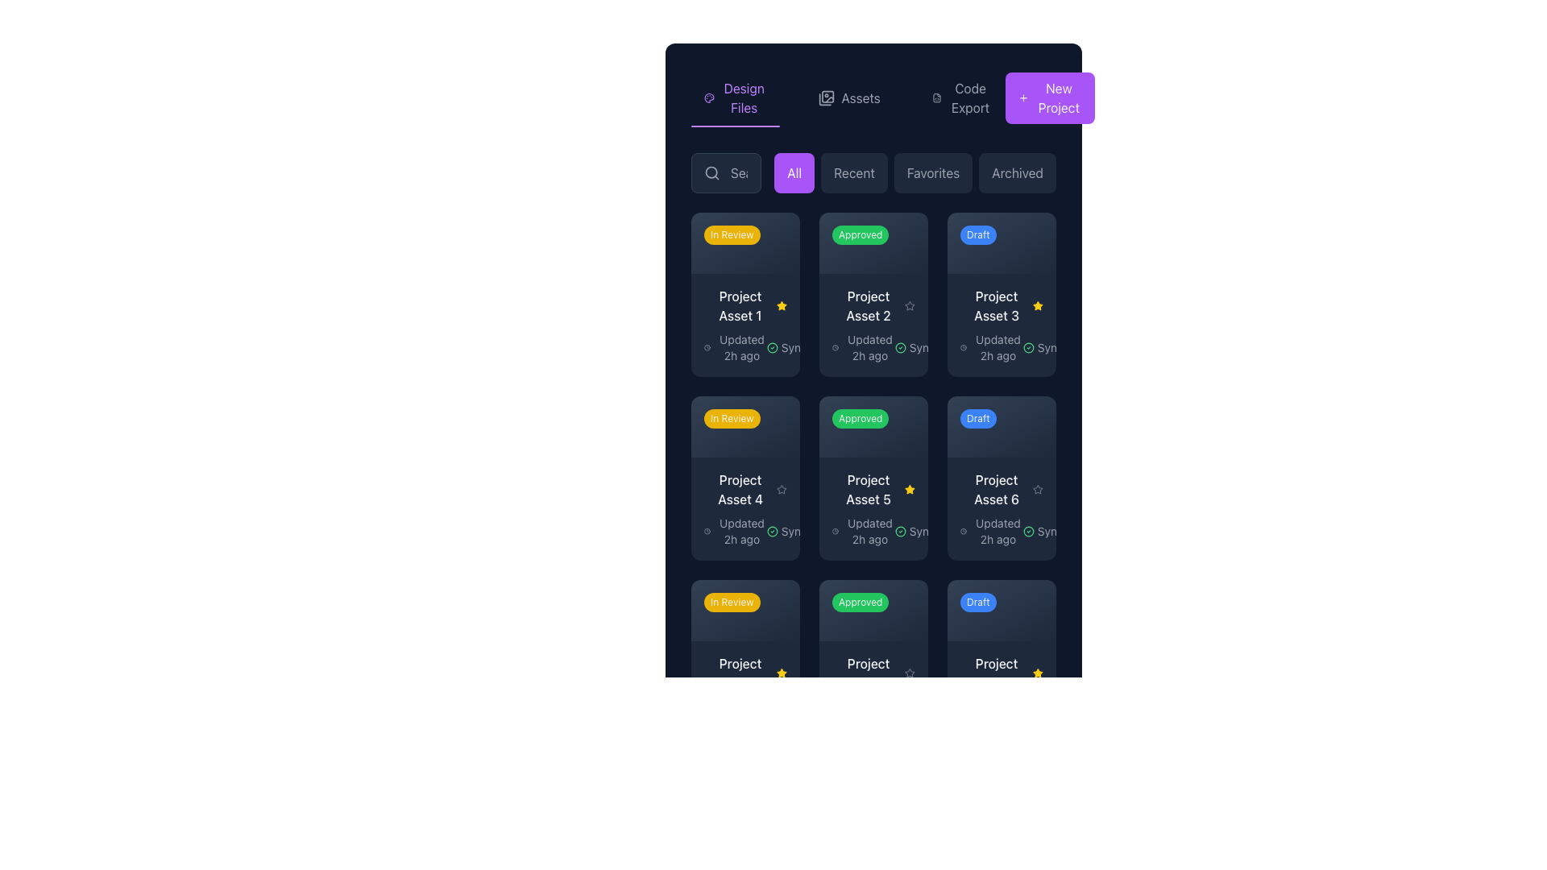 This screenshot has height=870, width=1547. What do you see at coordinates (734, 346) in the screenshot?
I see `the text label displaying the last update time associated with 'Project Asset 1', located in the bottom-left region of the card` at bounding box center [734, 346].